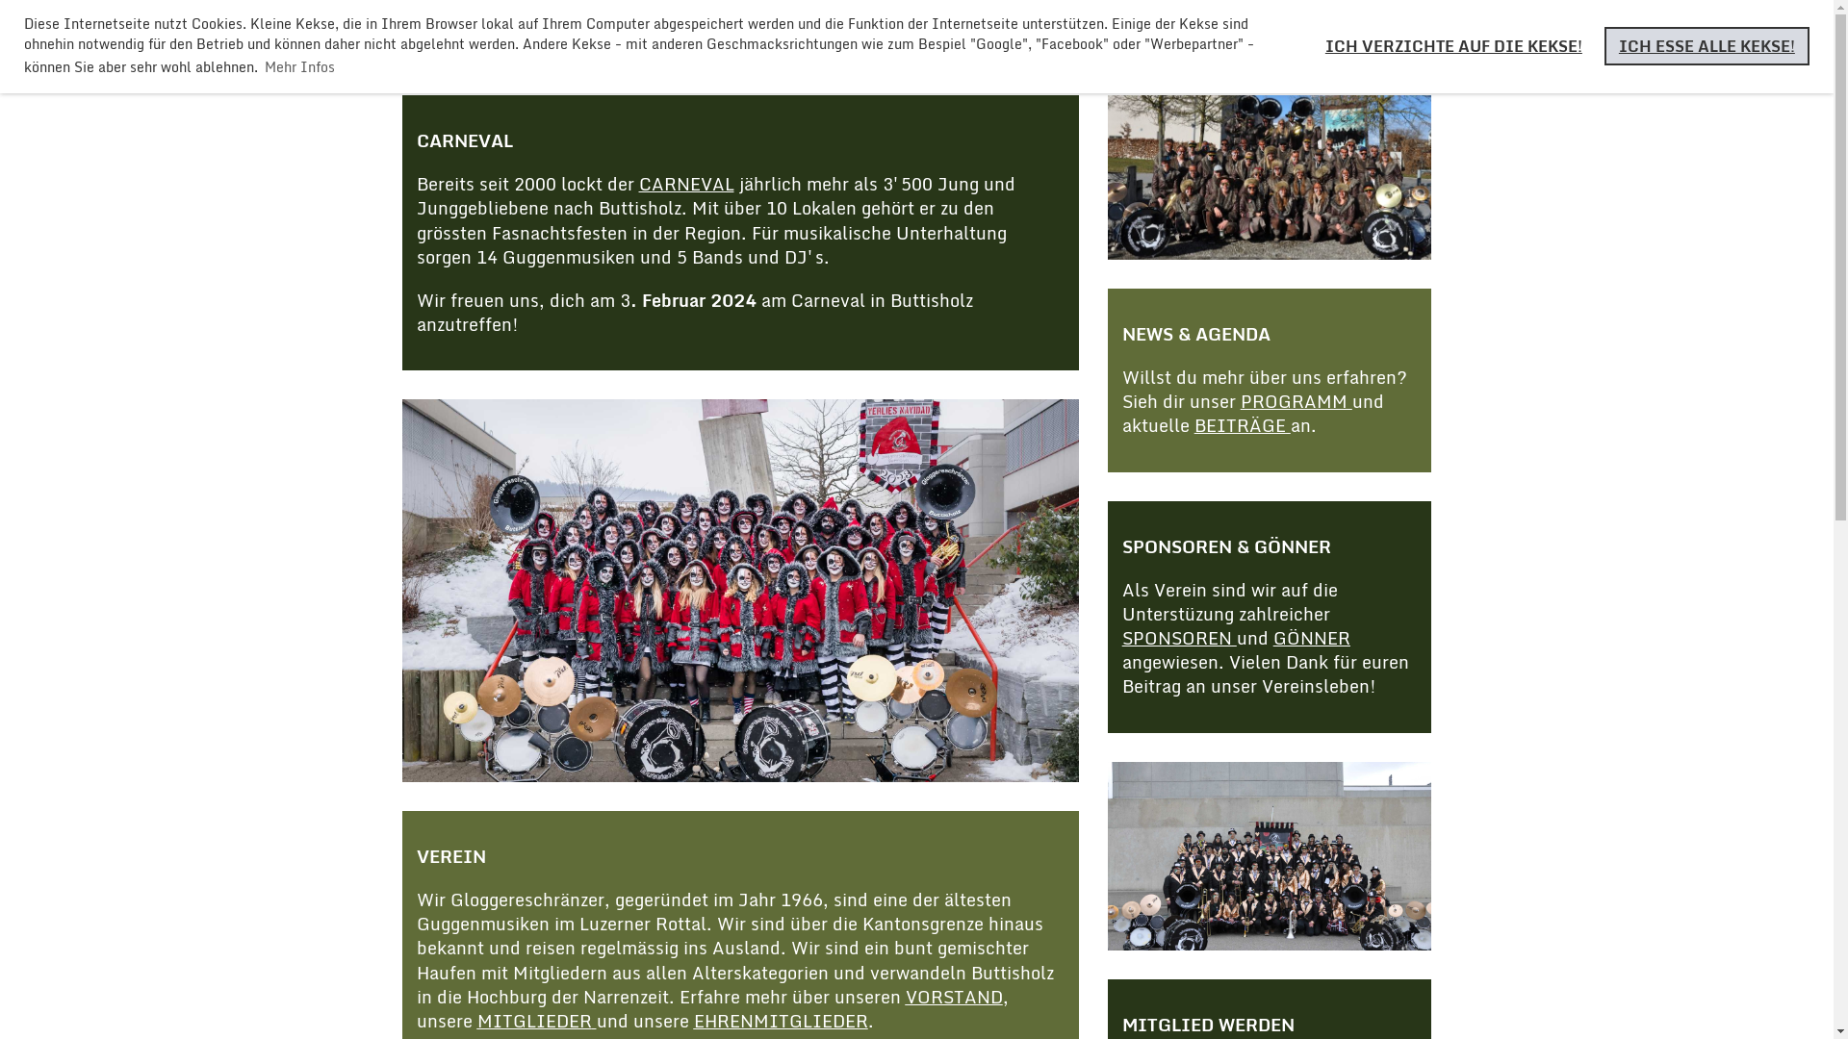 This screenshot has height=1039, width=1848. I want to click on 'MITGLIEDER', so click(536, 1019).